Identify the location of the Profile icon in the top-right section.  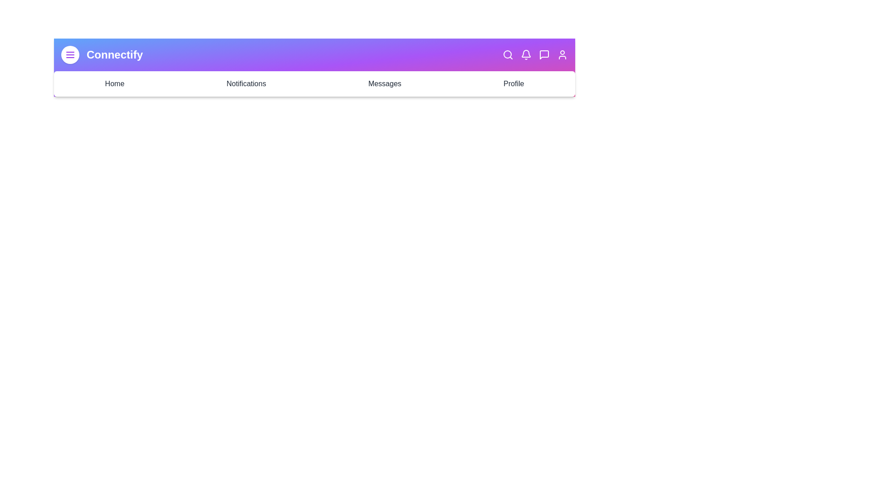
(562, 54).